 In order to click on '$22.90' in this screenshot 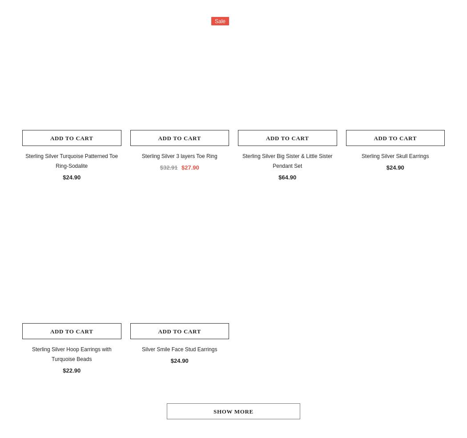, I will do `click(71, 370)`.